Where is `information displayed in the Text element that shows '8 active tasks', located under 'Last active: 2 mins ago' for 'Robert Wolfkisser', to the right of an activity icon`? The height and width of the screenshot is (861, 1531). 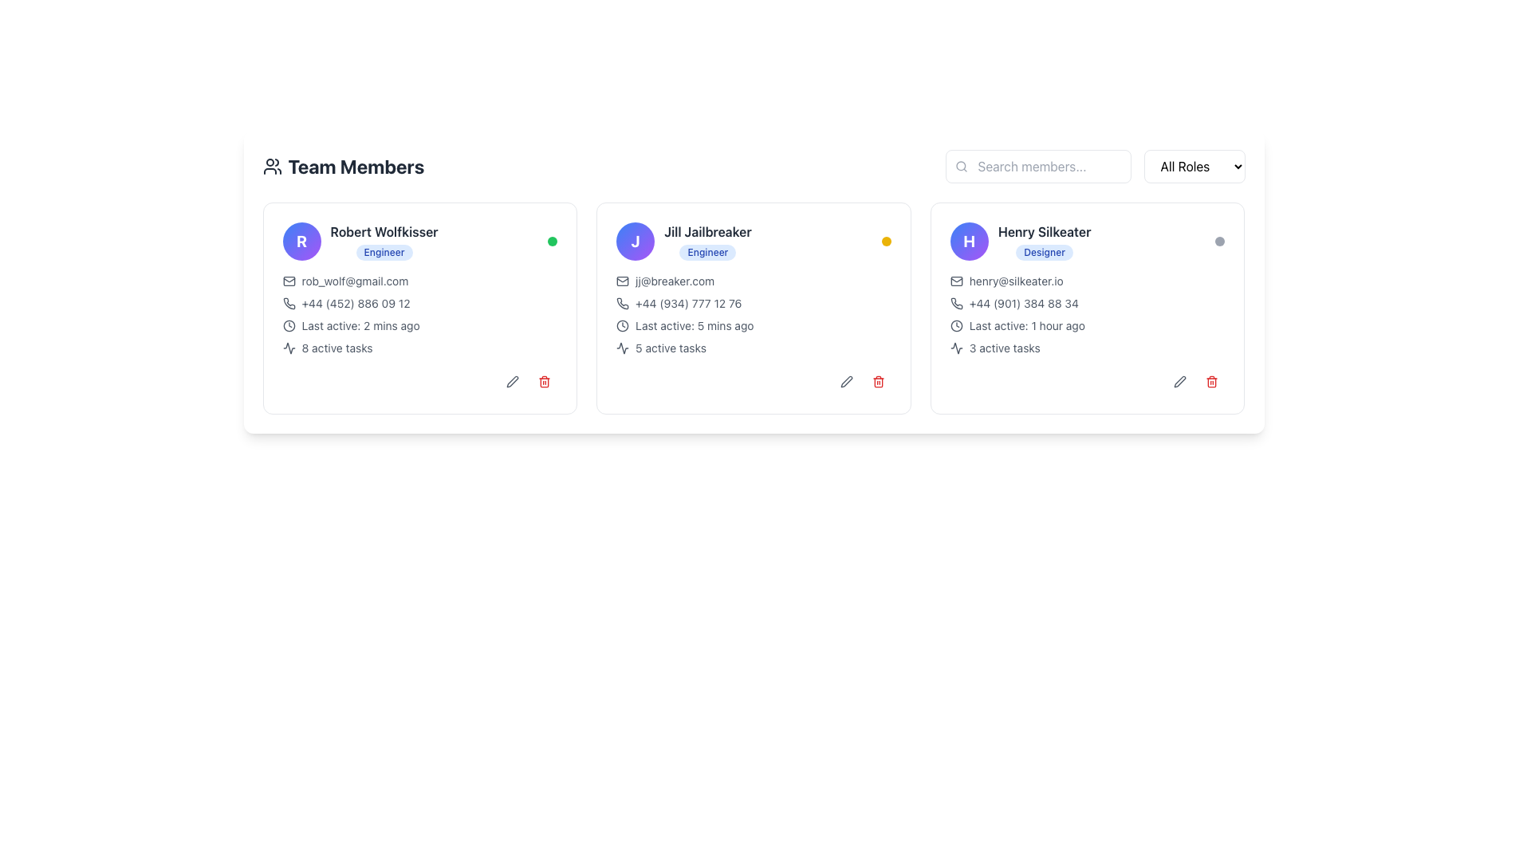 information displayed in the Text element that shows '8 active tasks', located under 'Last active: 2 mins ago' for 'Robert Wolfkisser', to the right of an activity icon is located at coordinates (336, 347).